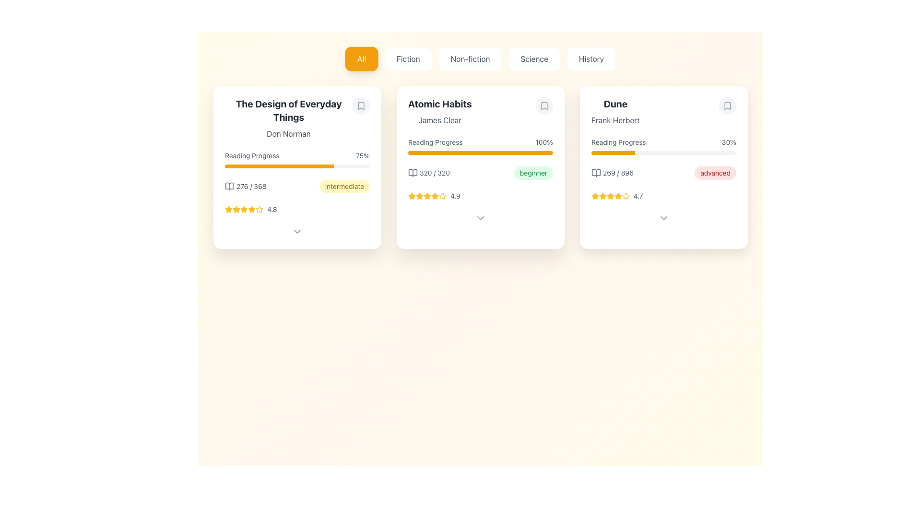 This screenshot has height=518, width=921. I want to click on the 'Non-fiction' button, which is a horizontally-aligned button with rounded corners, located near the top-center of the interface, between the 'Fiction' and 'Science' buttons, so click(470, 59).